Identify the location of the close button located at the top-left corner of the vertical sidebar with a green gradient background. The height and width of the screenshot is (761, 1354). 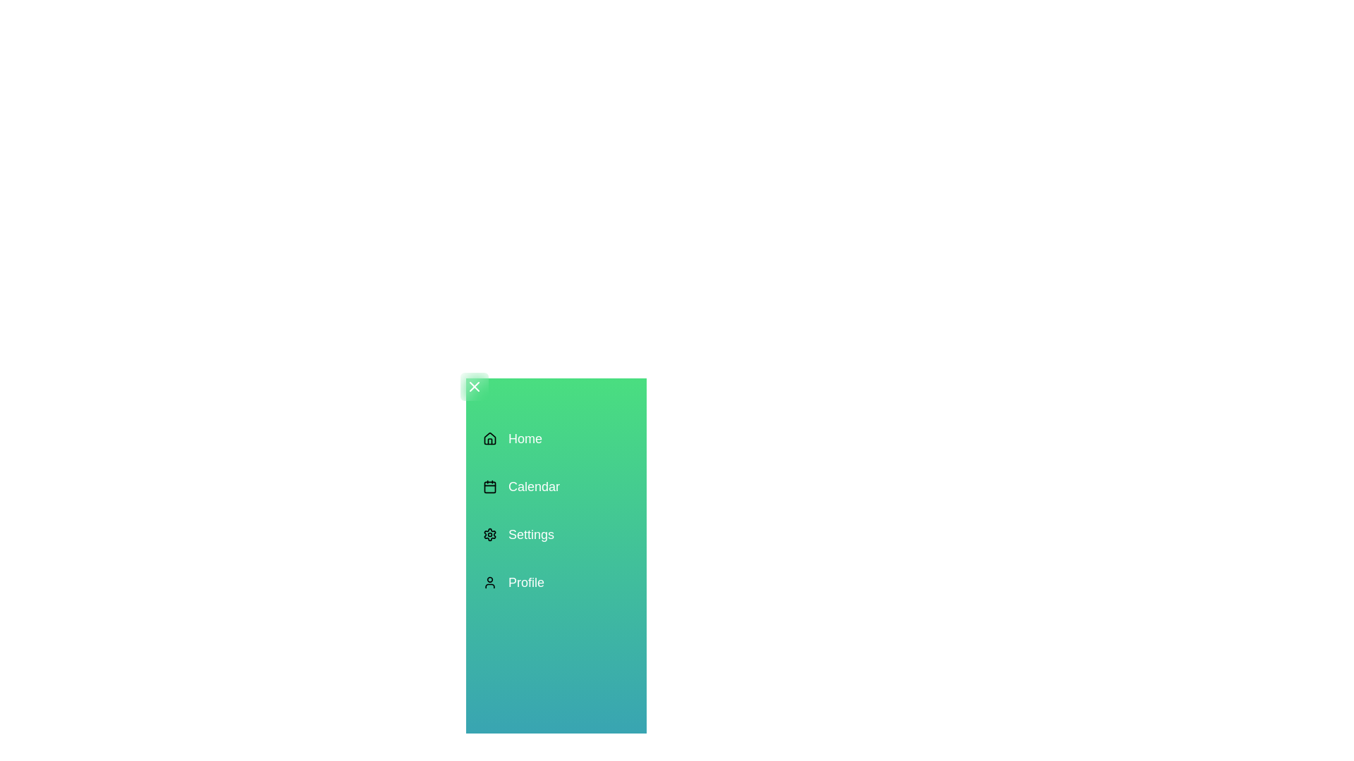
(474, 386).